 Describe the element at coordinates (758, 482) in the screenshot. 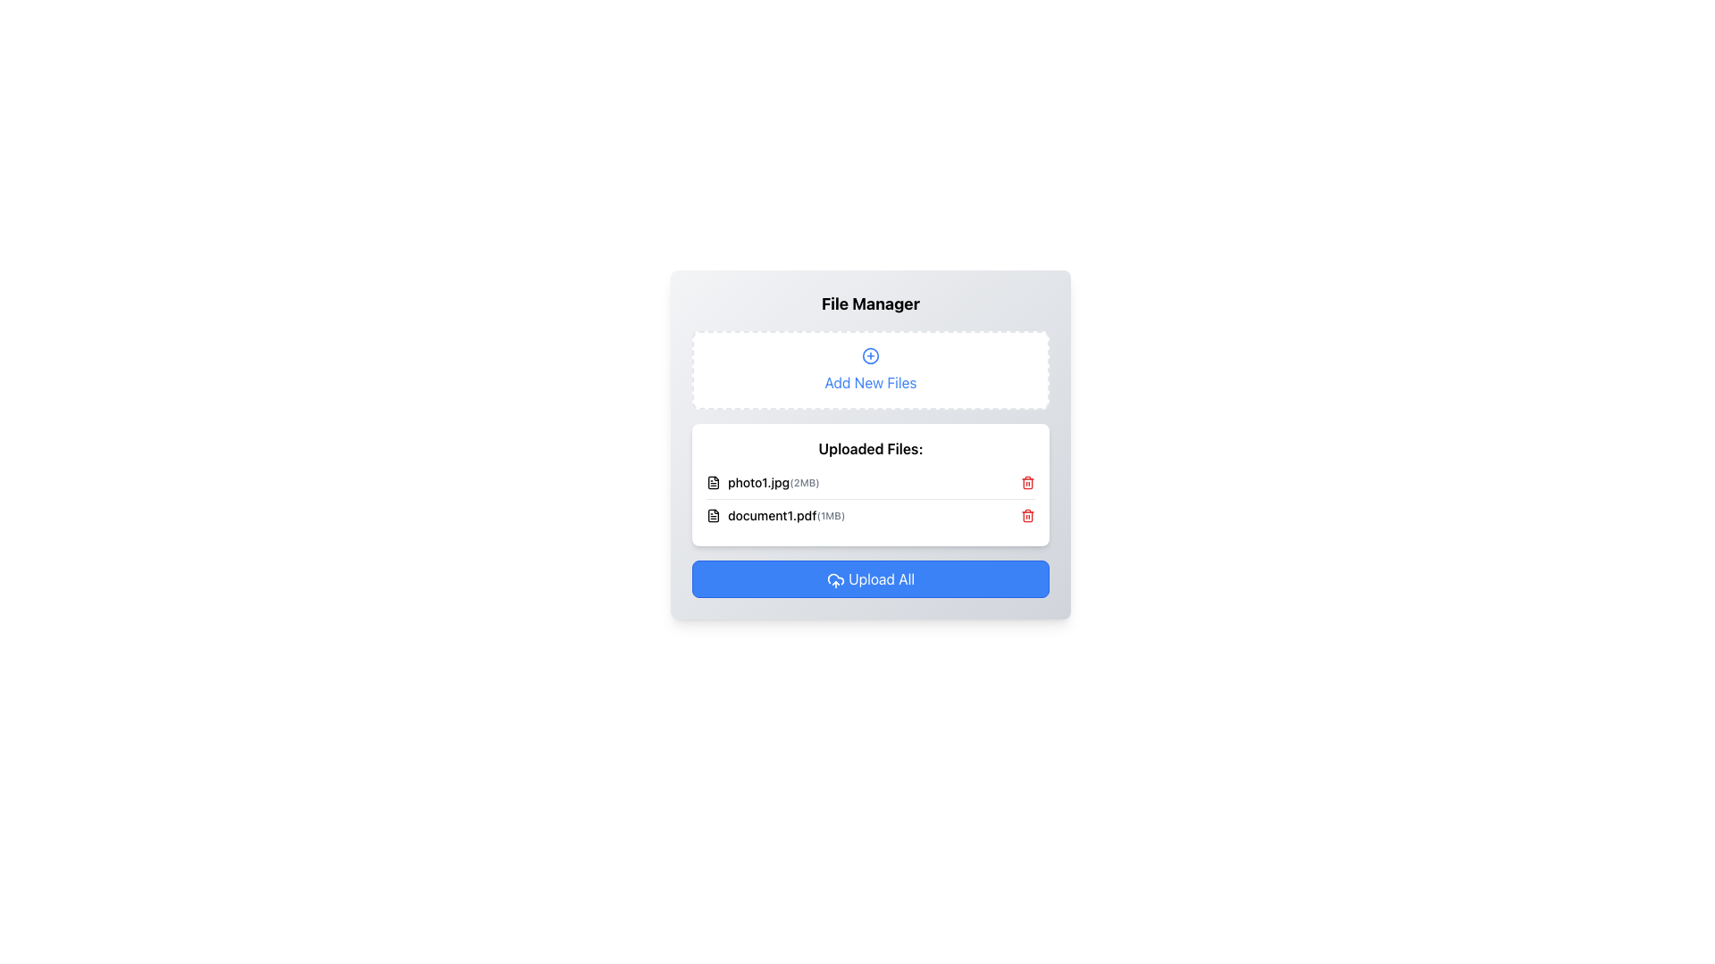

I see `the Text label representing the name of the uploaded file in the 'Uploaded Files' section of the 'File Manager' interface to read its content` at that location.